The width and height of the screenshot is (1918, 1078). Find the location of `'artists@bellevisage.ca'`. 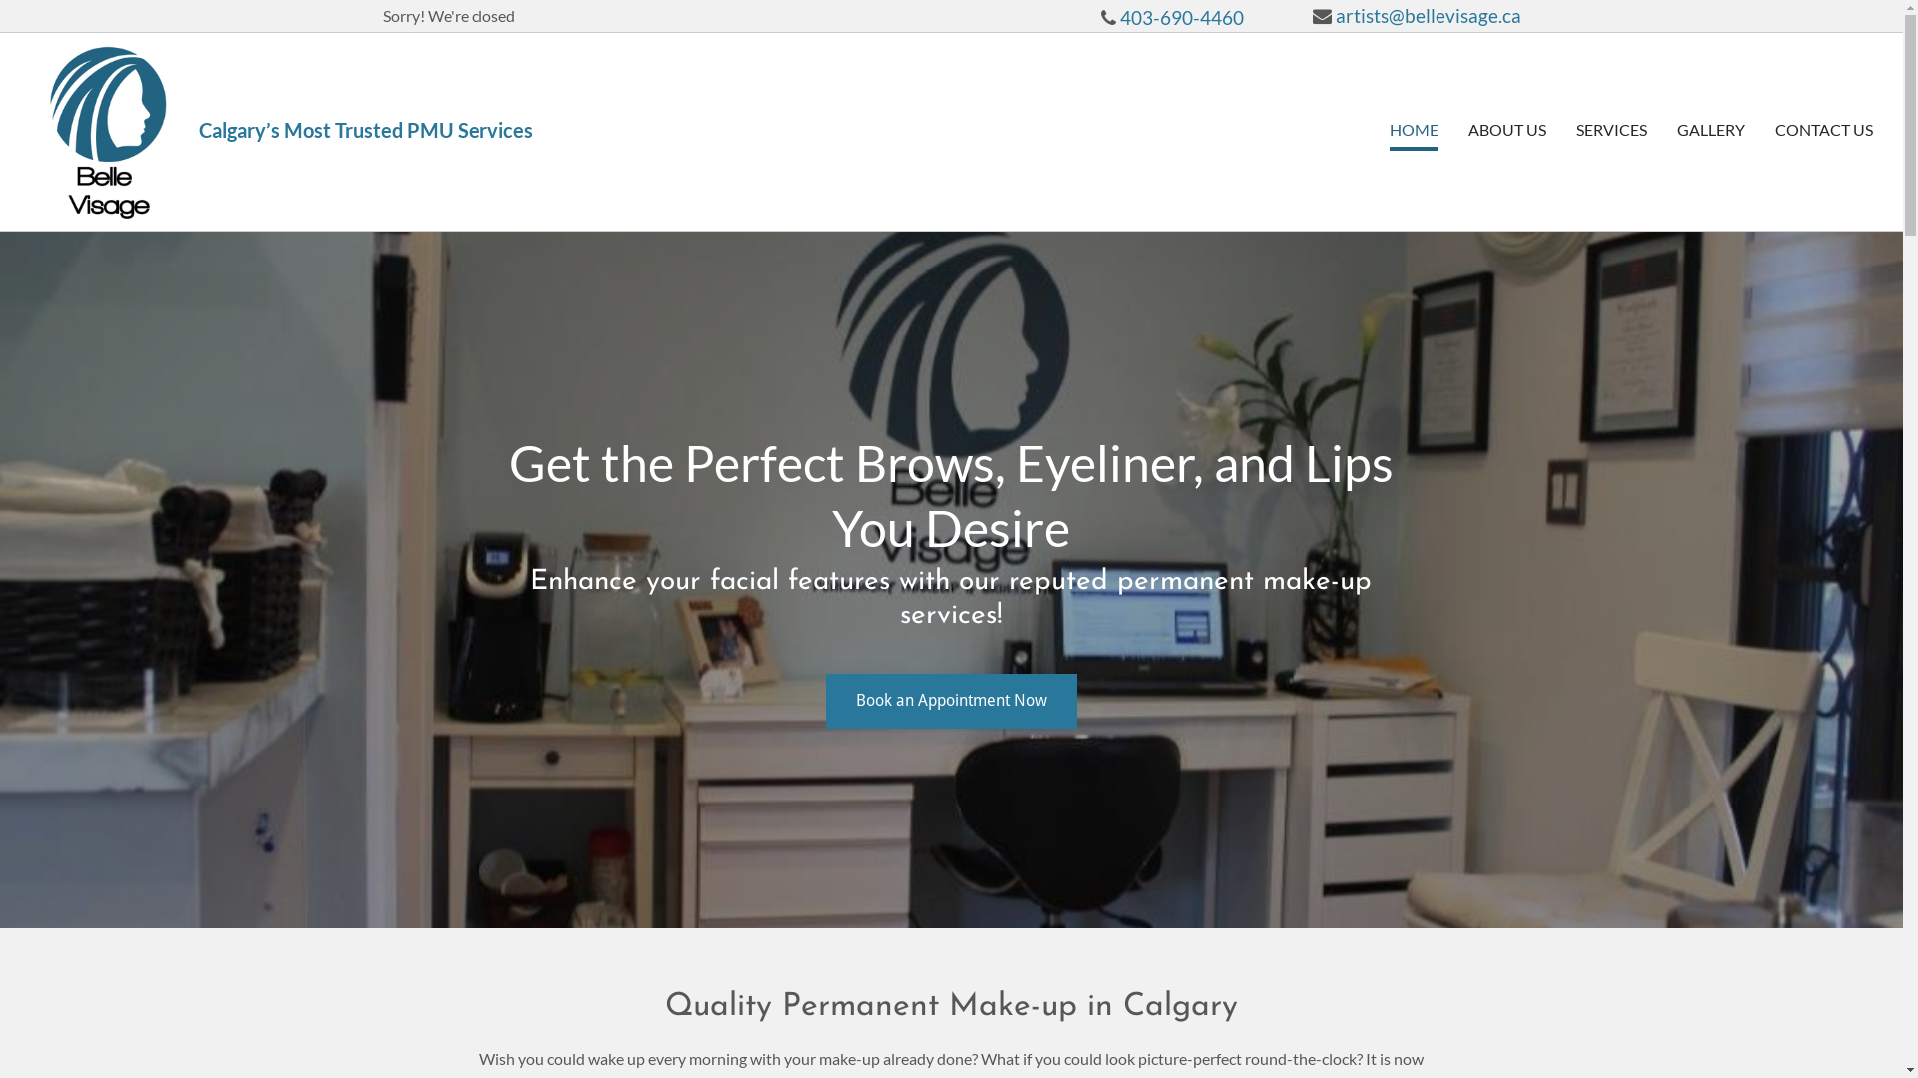

'artists@bellevisage.ca' is located at coordinates (1427, 15).